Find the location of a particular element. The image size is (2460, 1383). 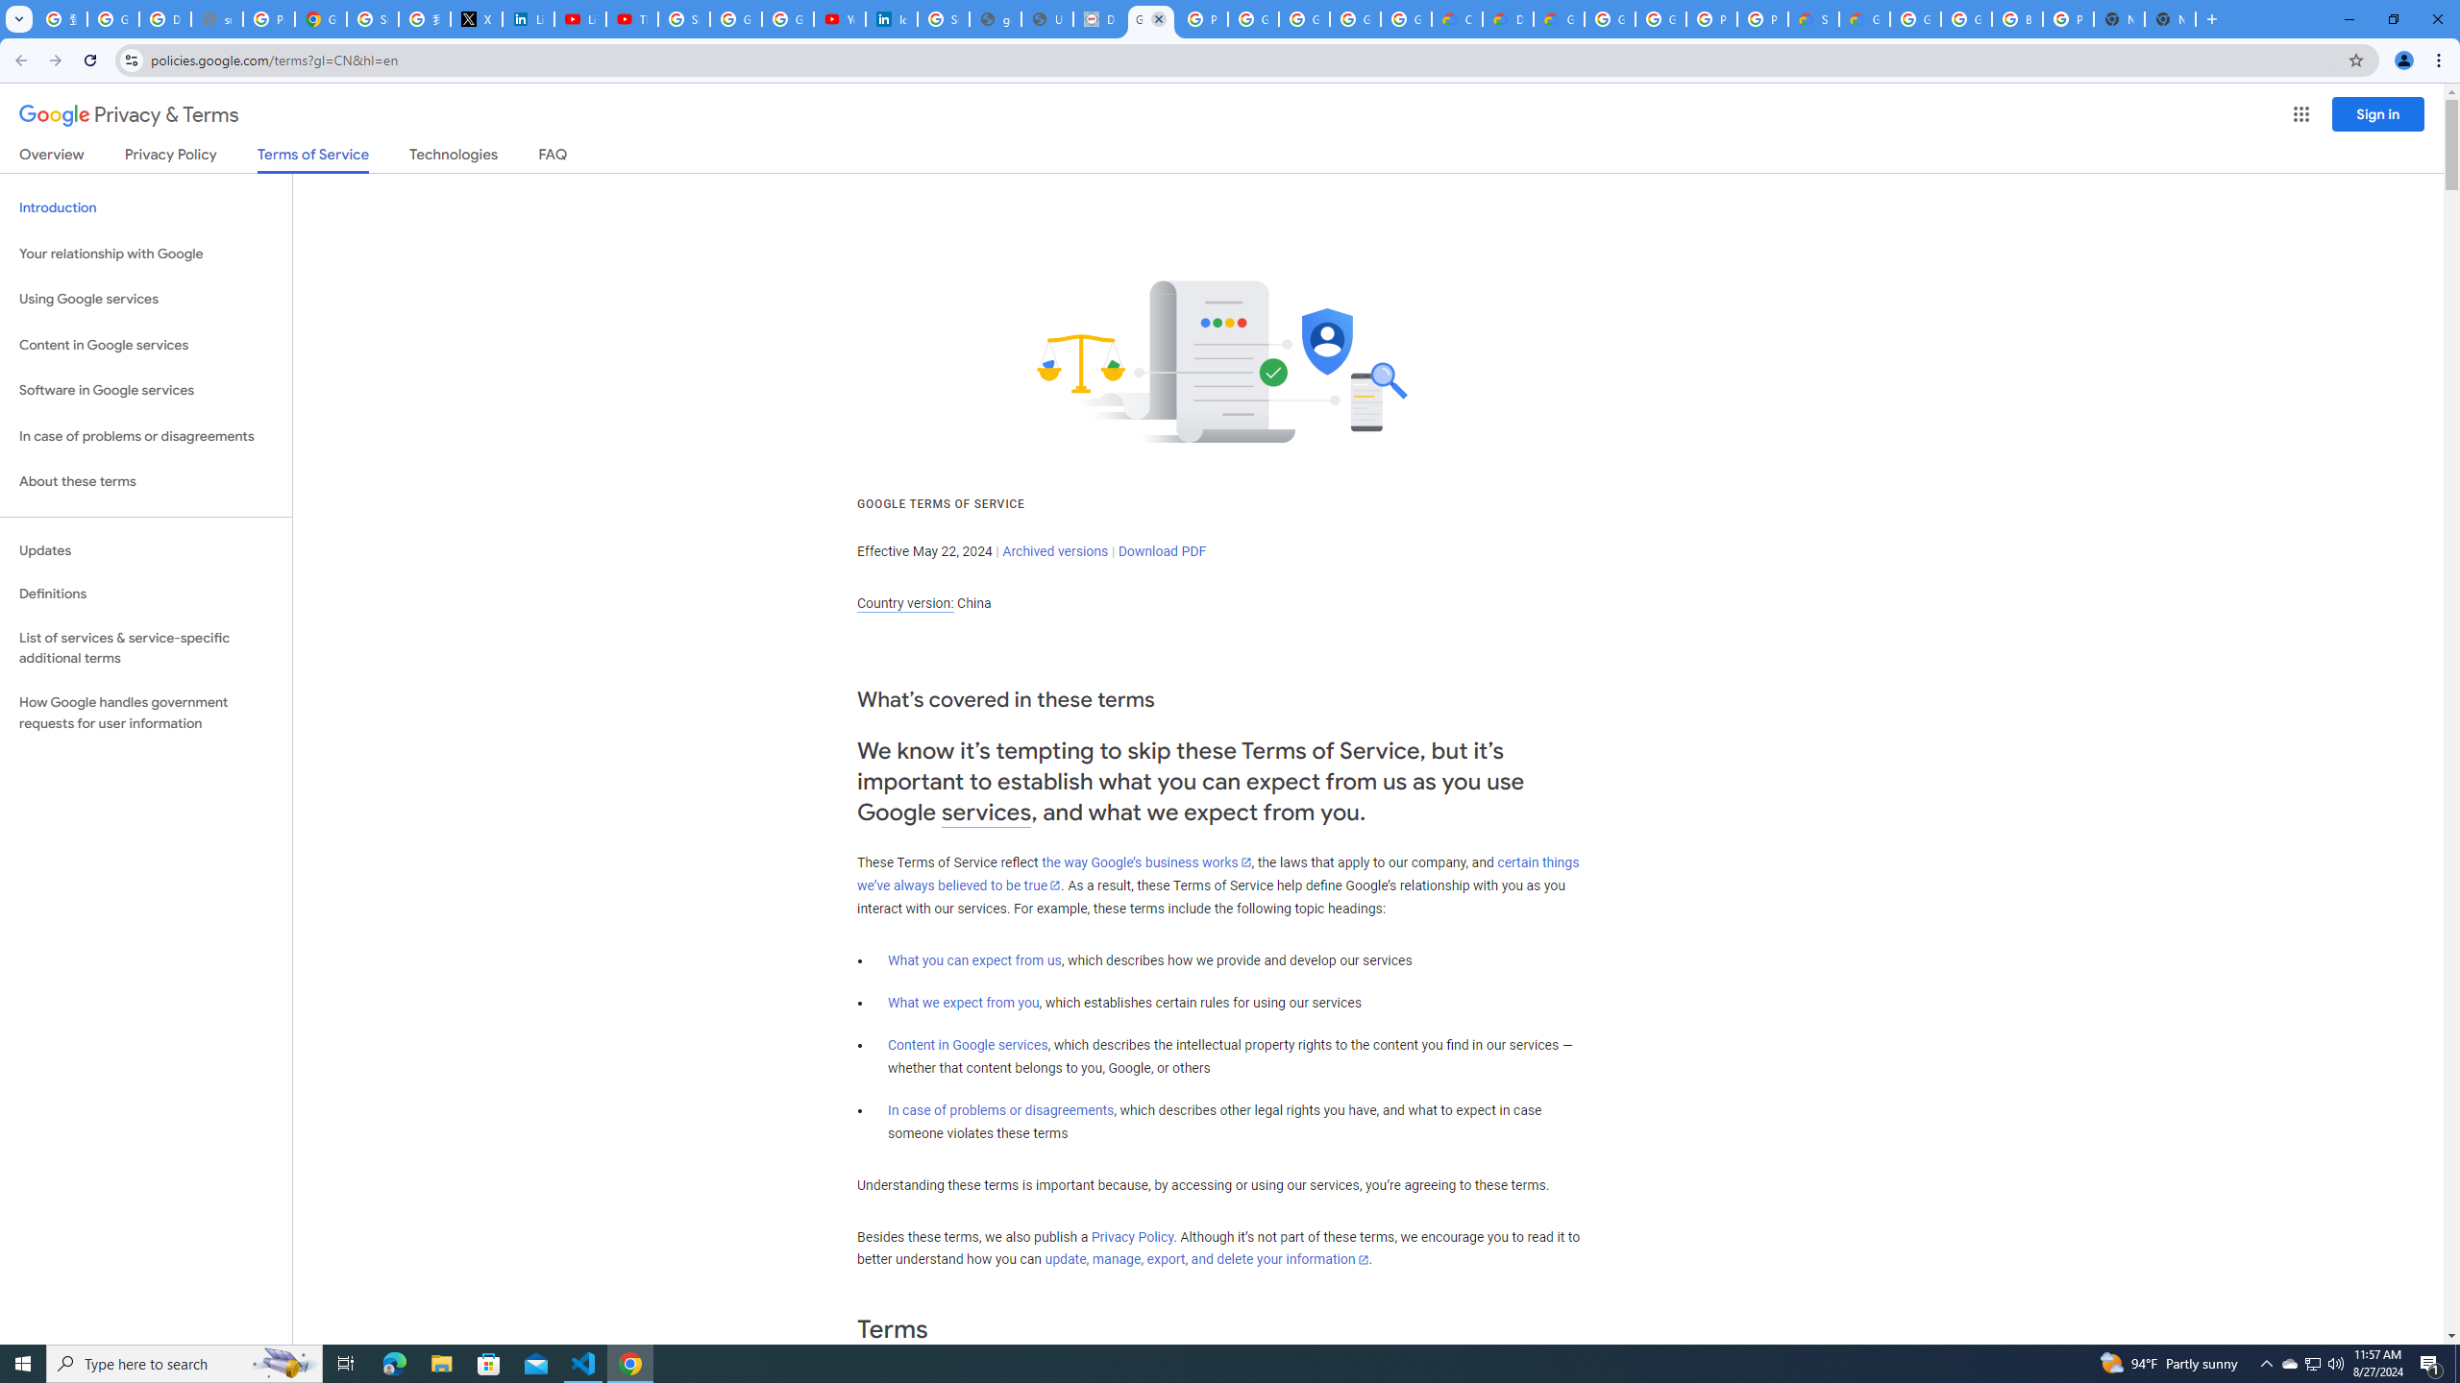

'New Tab' is located at coordinates (2169, 18).